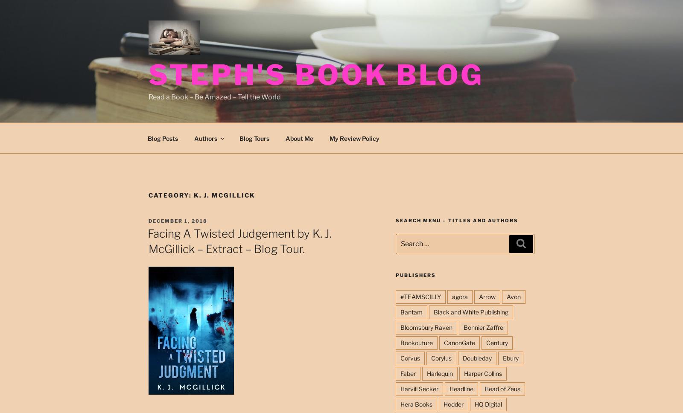 The height and width of the screenshot is (413, 683). Describe the element at coordinates (171, 195) in the screenshot. I see `'Category:'` at that location.